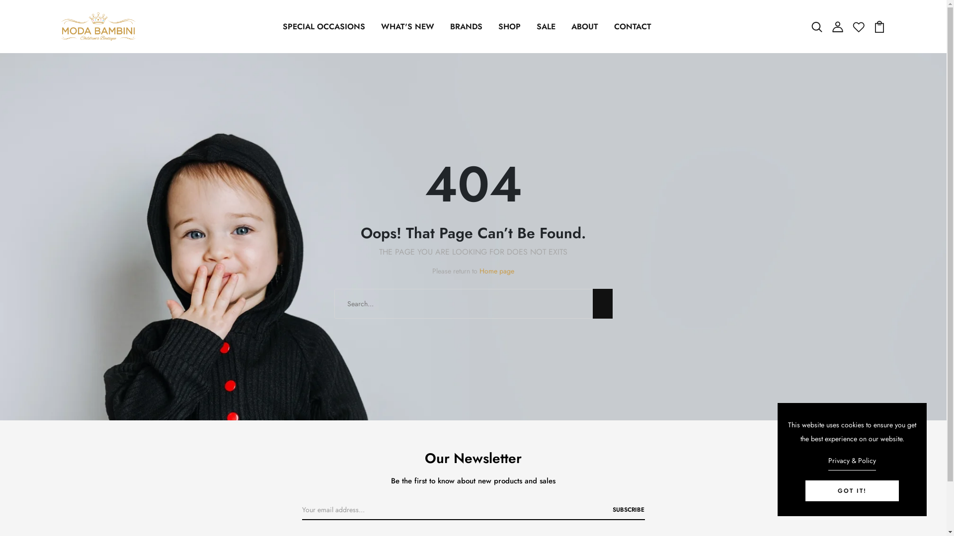  What do you see at coordinates (837, 25) in the screenshot?
I see `'image/svg+xml'` at bounding box center [837, 25].